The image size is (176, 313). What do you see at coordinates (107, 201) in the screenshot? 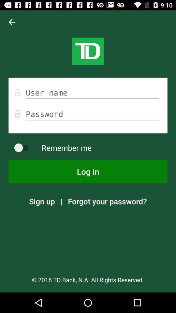
I see `icon above the 2016 td bank` at bounding box center [107, 201].